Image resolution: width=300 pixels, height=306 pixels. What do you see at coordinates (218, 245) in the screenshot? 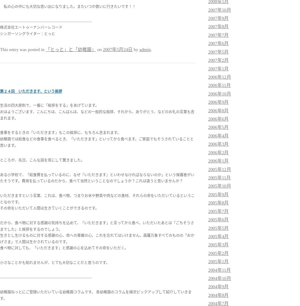
I see `'2005年3月'` at bounding box center [218, 245].